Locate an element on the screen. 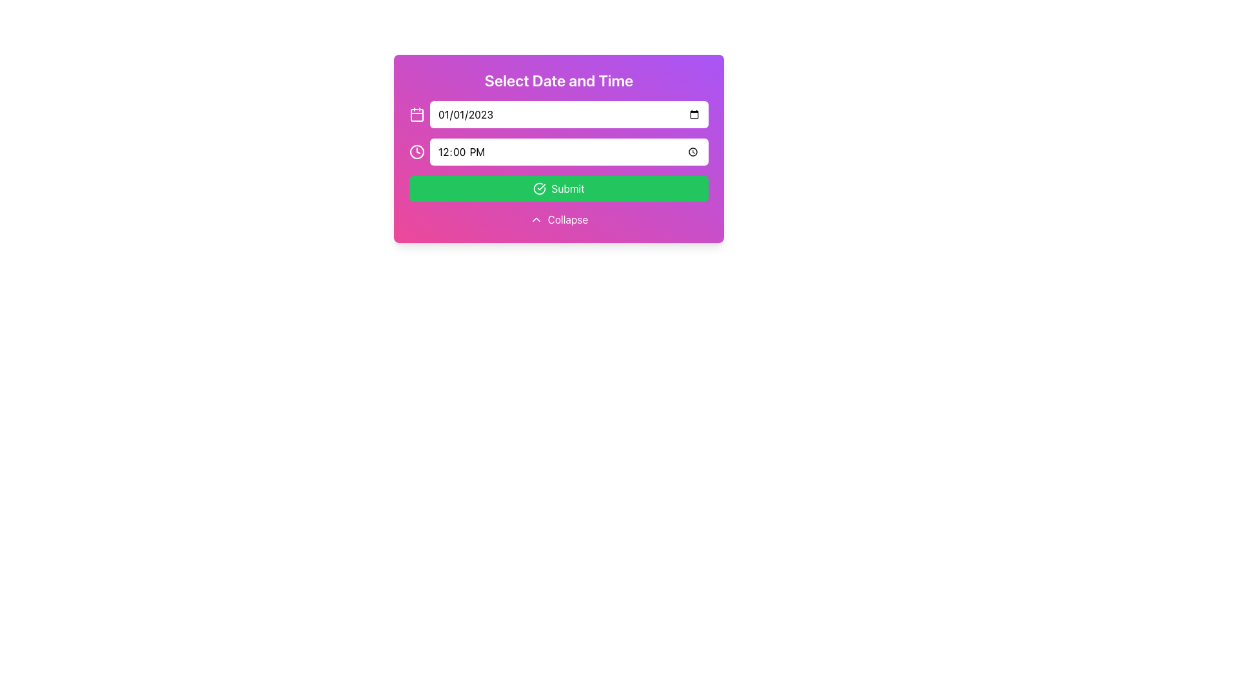 Image resolution: width=1238 pixels, height=696 pixels. the Date Input element, which is a rounded rectangular input displaying the date '01/01/2023' is located at coordinates (569, 113).